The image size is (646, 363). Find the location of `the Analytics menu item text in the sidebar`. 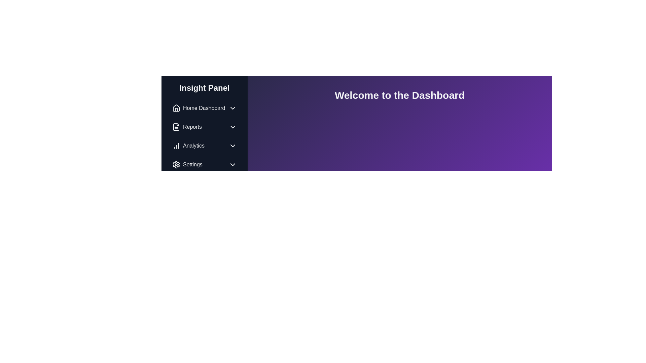

the Analytics menu item text in the sidebar is located at coordinates (193, 146).